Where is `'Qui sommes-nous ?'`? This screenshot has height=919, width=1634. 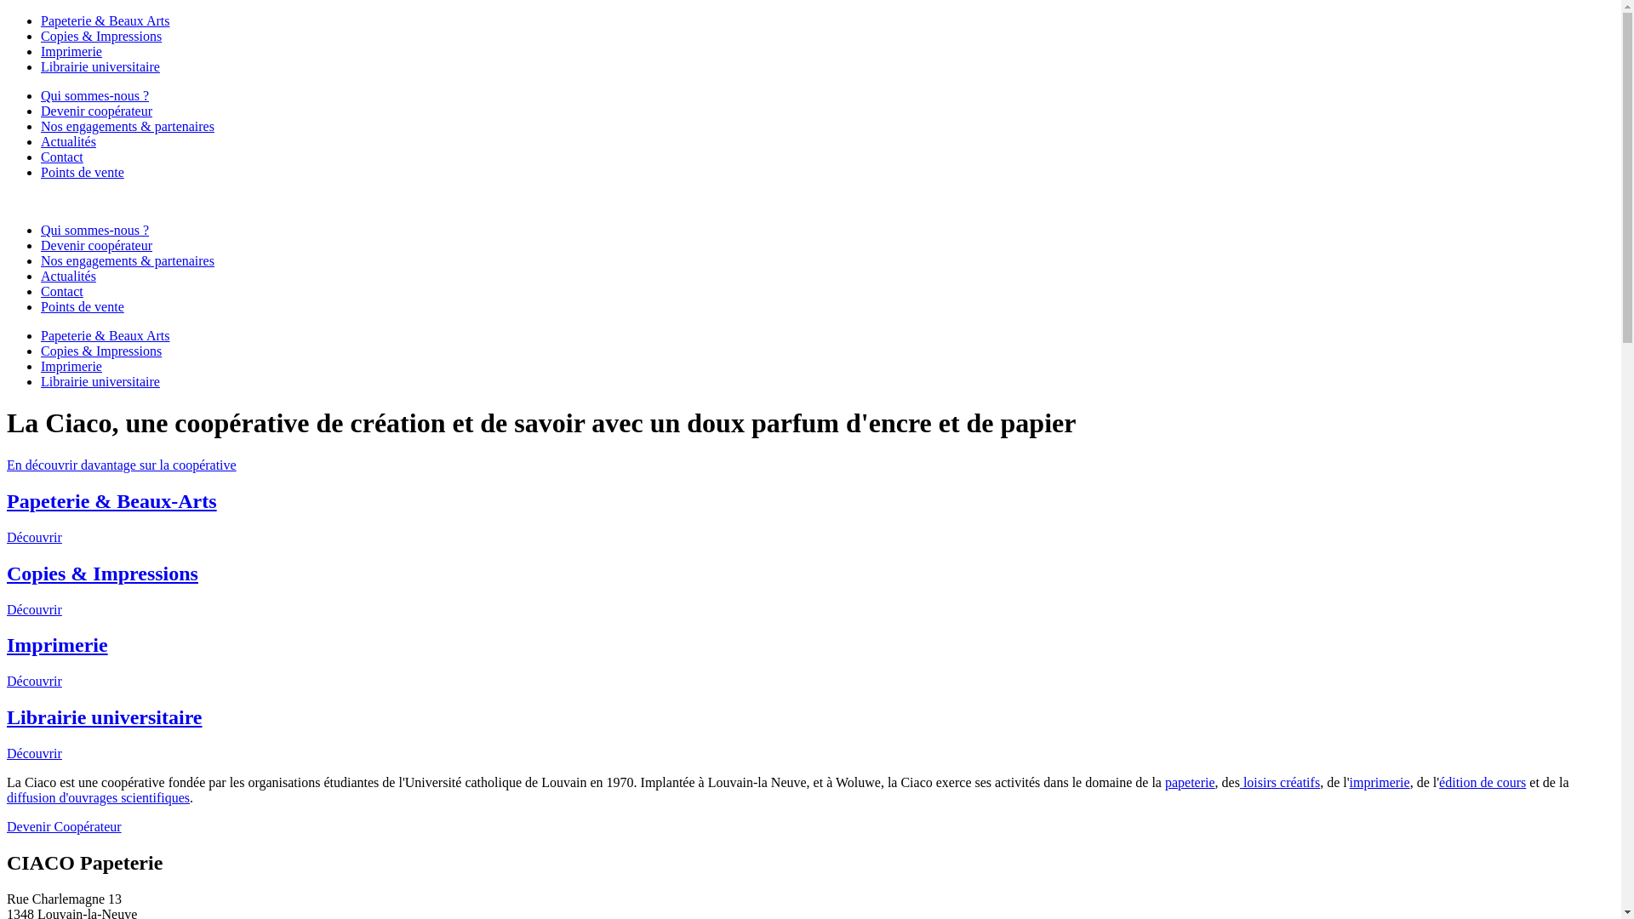
'Qui sommes-nous ?' is located at coordinates (94, 230).